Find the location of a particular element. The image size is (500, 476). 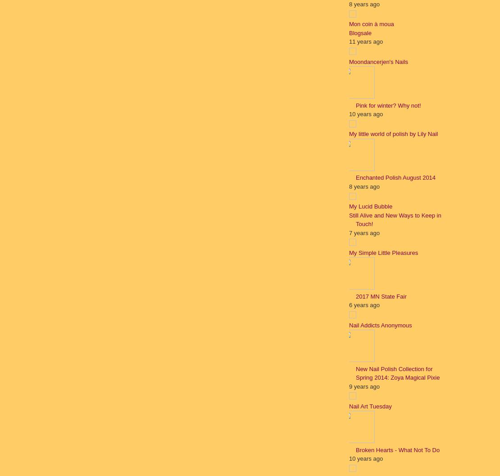

'Nail Addicts Anonymous' is located at coordinates (349, 324).